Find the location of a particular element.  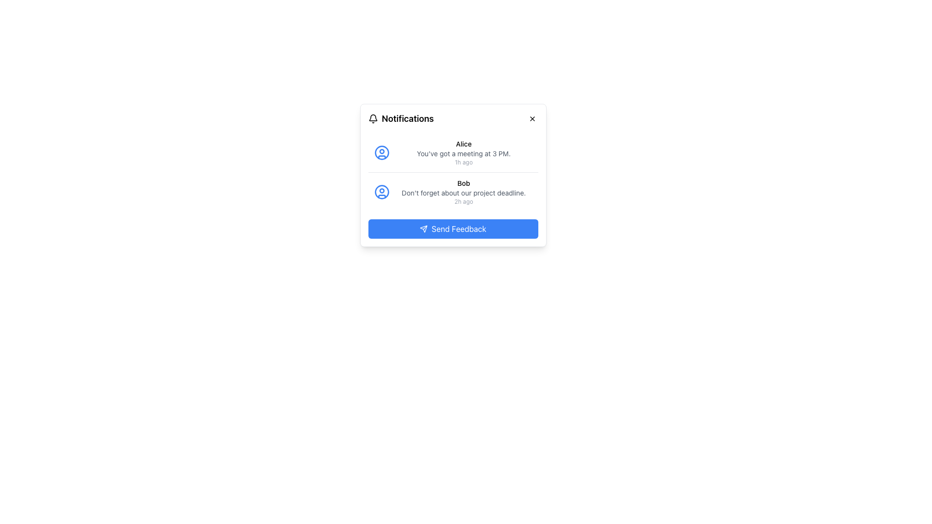

the minimalist bell icon located at the top-left corner of the 'Notifications' section, which is adjacent to the text 'Notifications' is located at coordinates (372, 118).